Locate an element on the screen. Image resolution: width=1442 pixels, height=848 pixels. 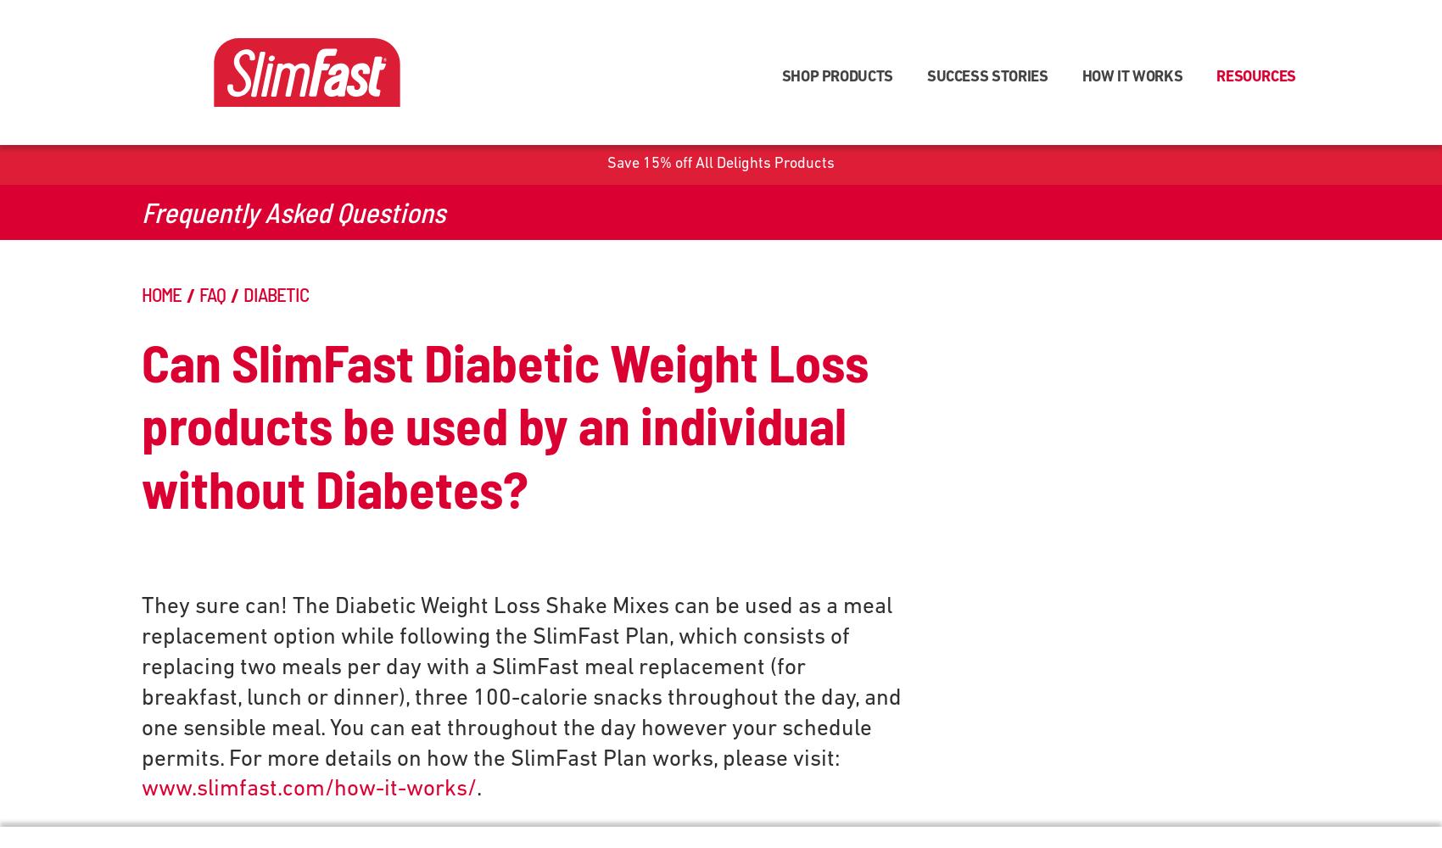
'www.slimfast.com/how-it-works/' is located at coordinates (308, 789).